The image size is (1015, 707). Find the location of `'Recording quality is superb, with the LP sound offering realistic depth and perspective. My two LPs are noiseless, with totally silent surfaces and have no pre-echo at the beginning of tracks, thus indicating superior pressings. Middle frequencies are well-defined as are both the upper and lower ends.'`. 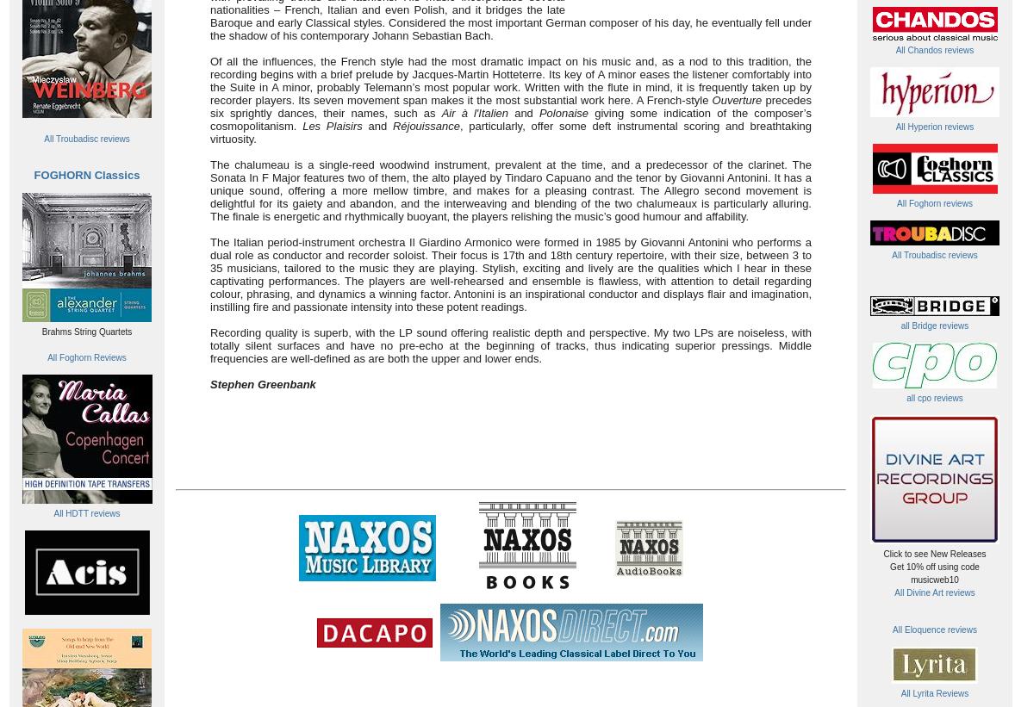

'Recording quality is superb, with the LP sound offering realistic depth and perspective. My two LPs are noiseless, with totally silent surfaces and have no pre-echo at the beginning of tracks, thus indicating superior pressings. Middle frequencies are well-defined as are both the upper and lower ends.' is located at coordinates (209, 344).